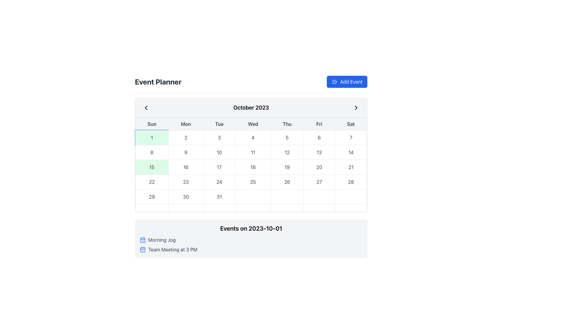  What do you see at coordinates (253, 152) in the screenshot?
I see `the selectable calendar day button labeled '11', which is the fourth button in a horizontal sequence between buttons '10' and '12', to trigger style changes` at bounding box center [253, 152].